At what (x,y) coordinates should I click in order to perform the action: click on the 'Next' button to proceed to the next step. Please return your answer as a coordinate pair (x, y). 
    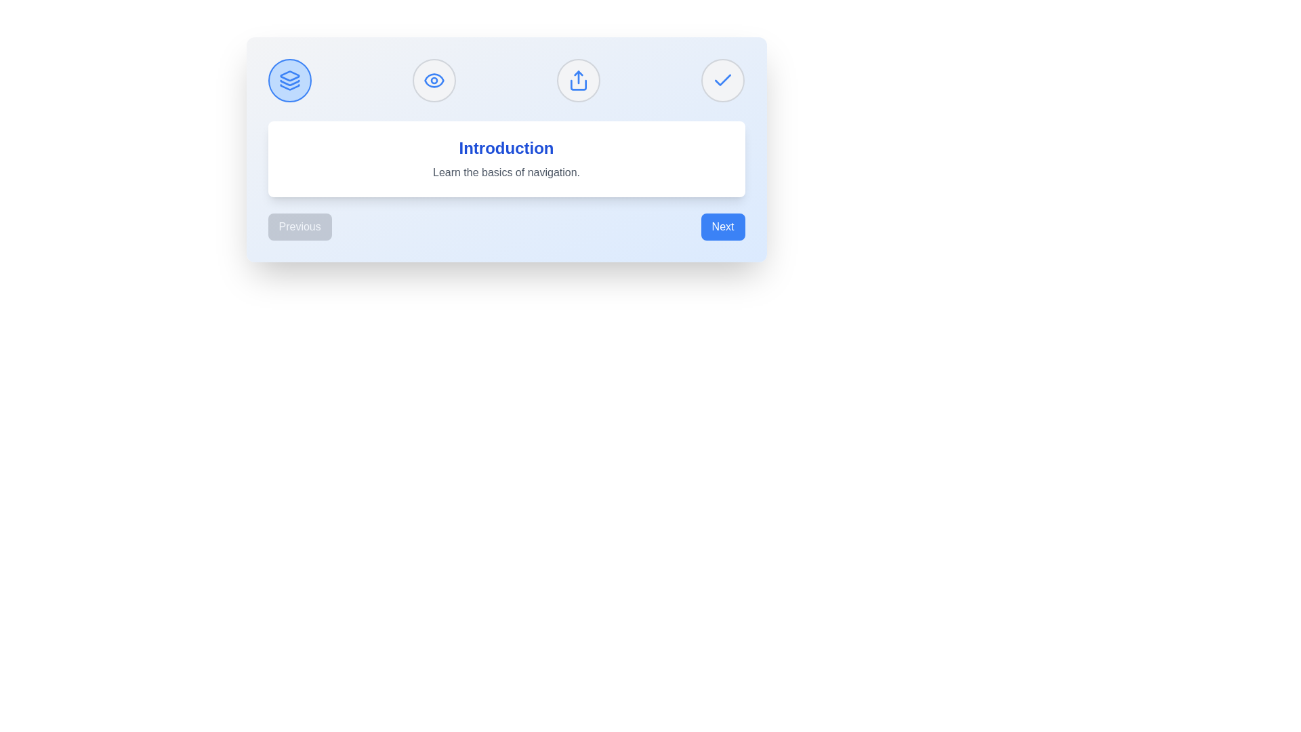
    Looking at the image, I should click on (722, 226).